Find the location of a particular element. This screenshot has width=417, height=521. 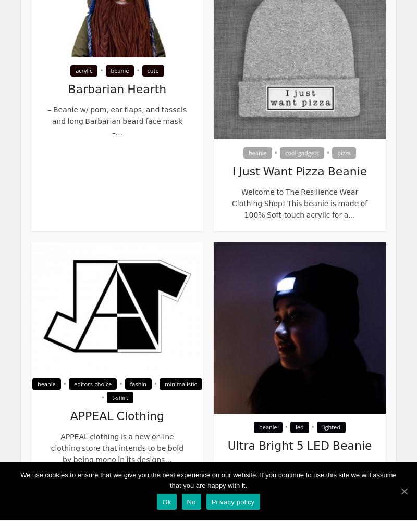

'Barbarian Hearth' is located at coordinates (117, 88).